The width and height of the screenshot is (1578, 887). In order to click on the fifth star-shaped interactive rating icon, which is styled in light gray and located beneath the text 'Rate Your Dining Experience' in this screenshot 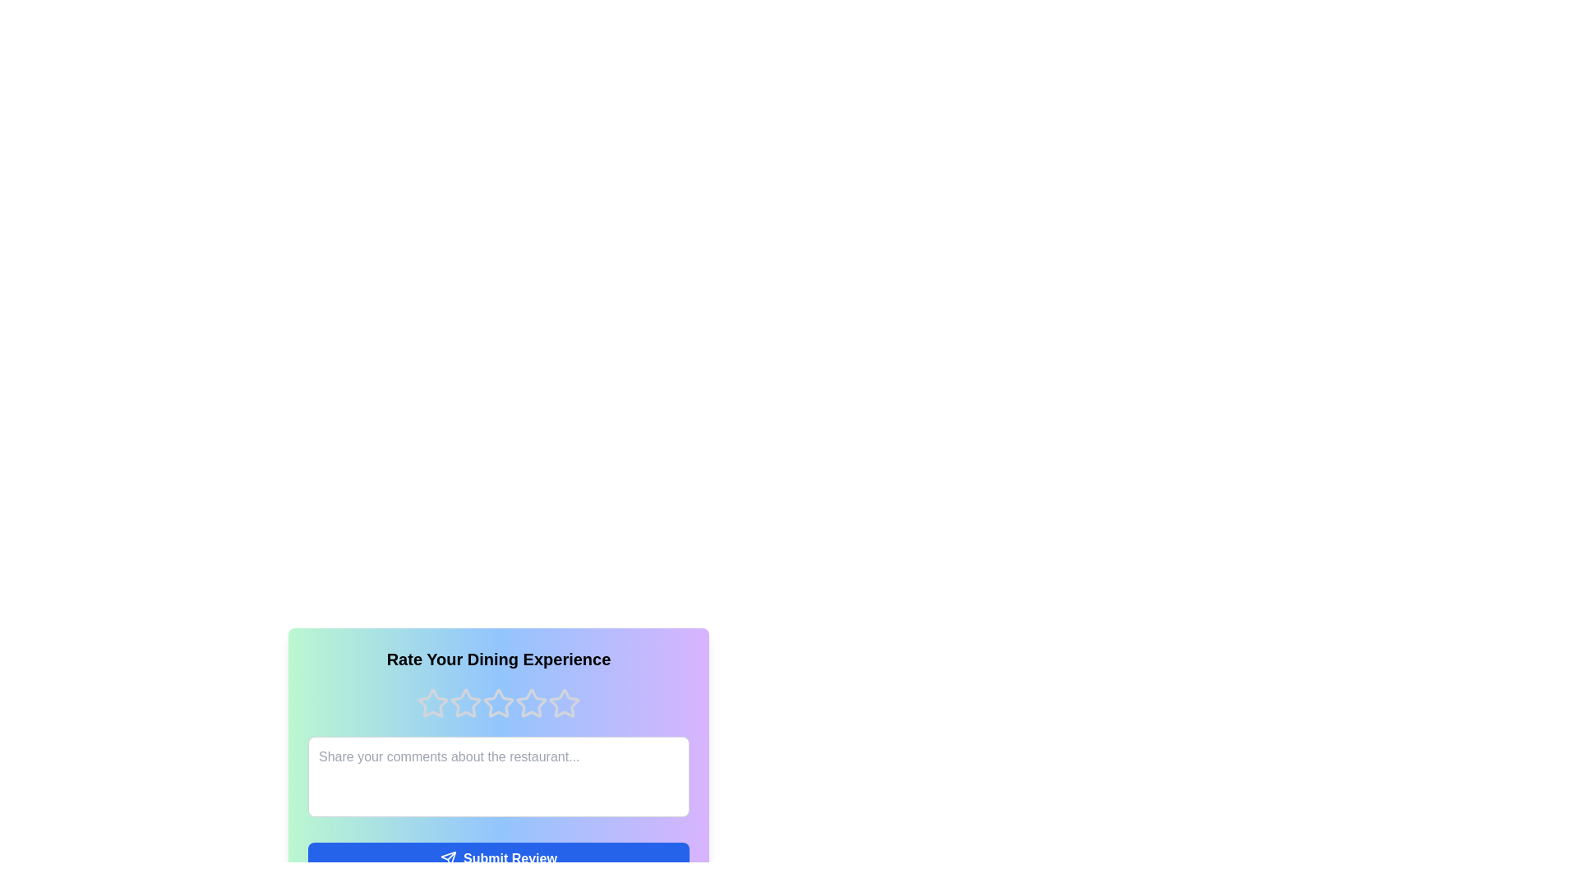, I will do `click(564, 702)`.